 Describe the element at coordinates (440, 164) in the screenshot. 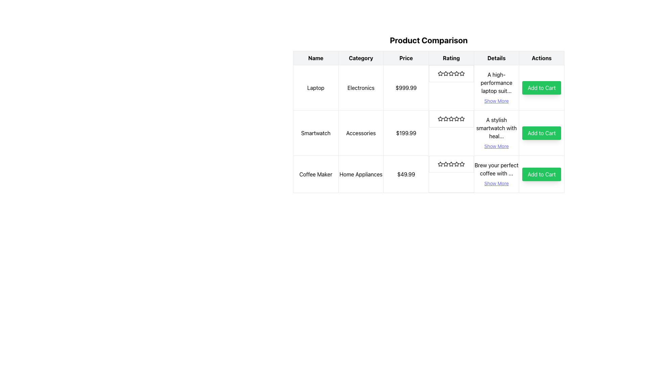

I see `the star icon indicating the rating for the product 'Coffee Maker' in the third row of the table` at that location.